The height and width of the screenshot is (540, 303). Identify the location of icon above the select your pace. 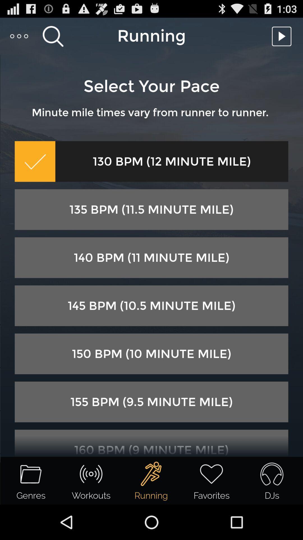
(19, 36).